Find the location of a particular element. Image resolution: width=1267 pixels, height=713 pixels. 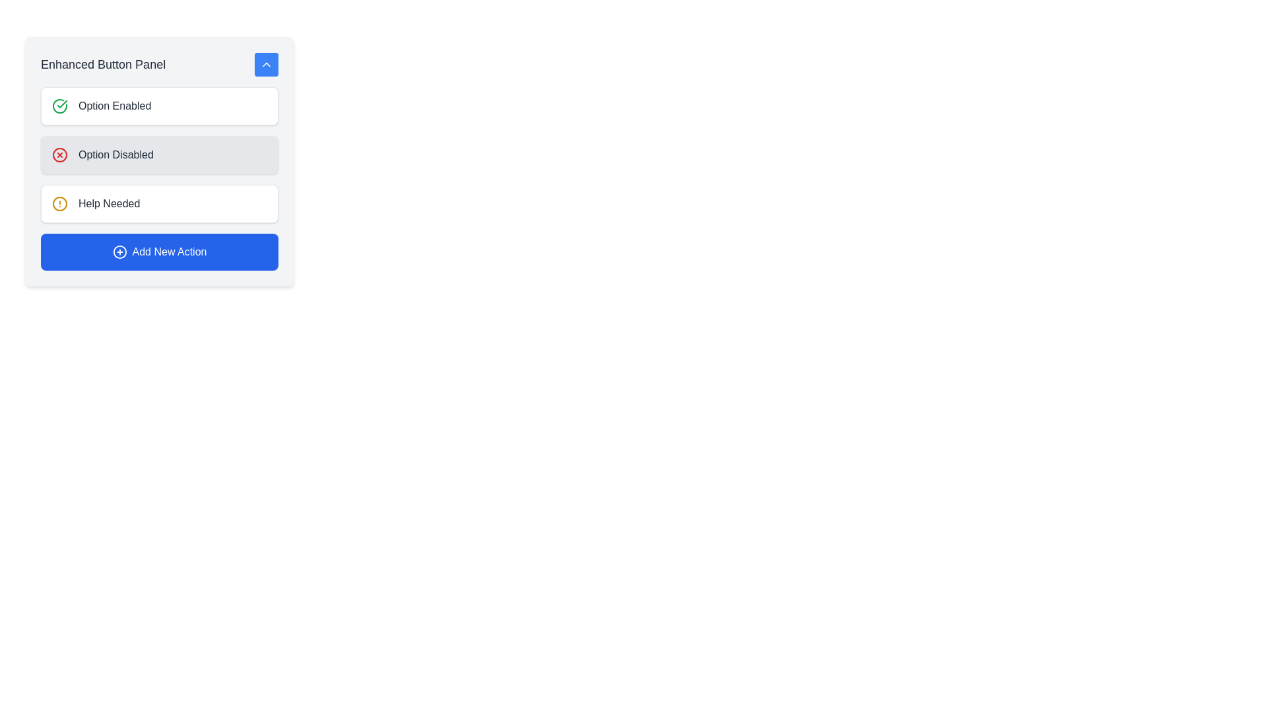

the status conveyed by the green checkmark icon indicating that the 'Option Enabled' is active, located to the left of the text 'Option Enabled' is located at coordinates (61, 104).